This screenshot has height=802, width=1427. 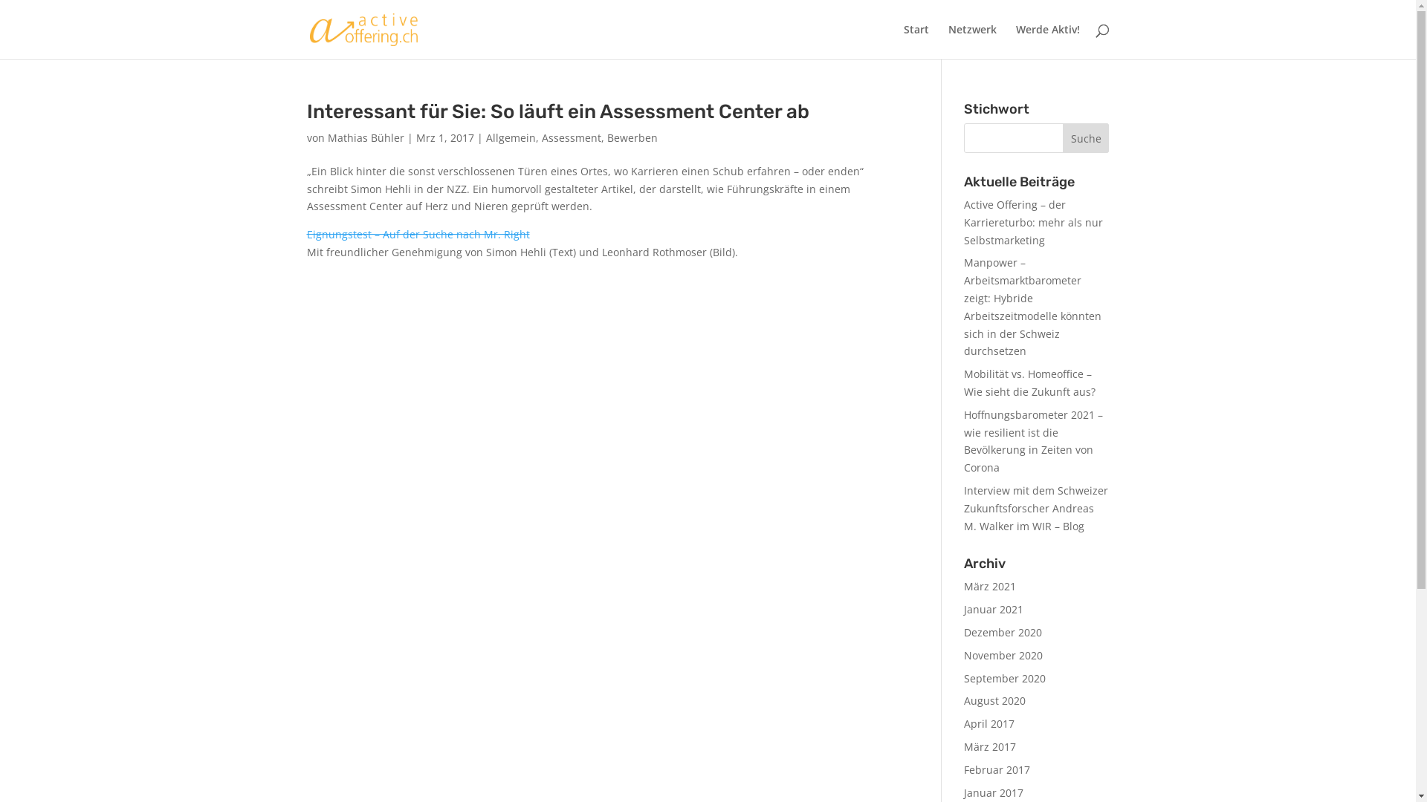 What do you see at coordinates (988, 723) in the screenshot?
I see `'April 2017'` at bounding box center [988, 723].